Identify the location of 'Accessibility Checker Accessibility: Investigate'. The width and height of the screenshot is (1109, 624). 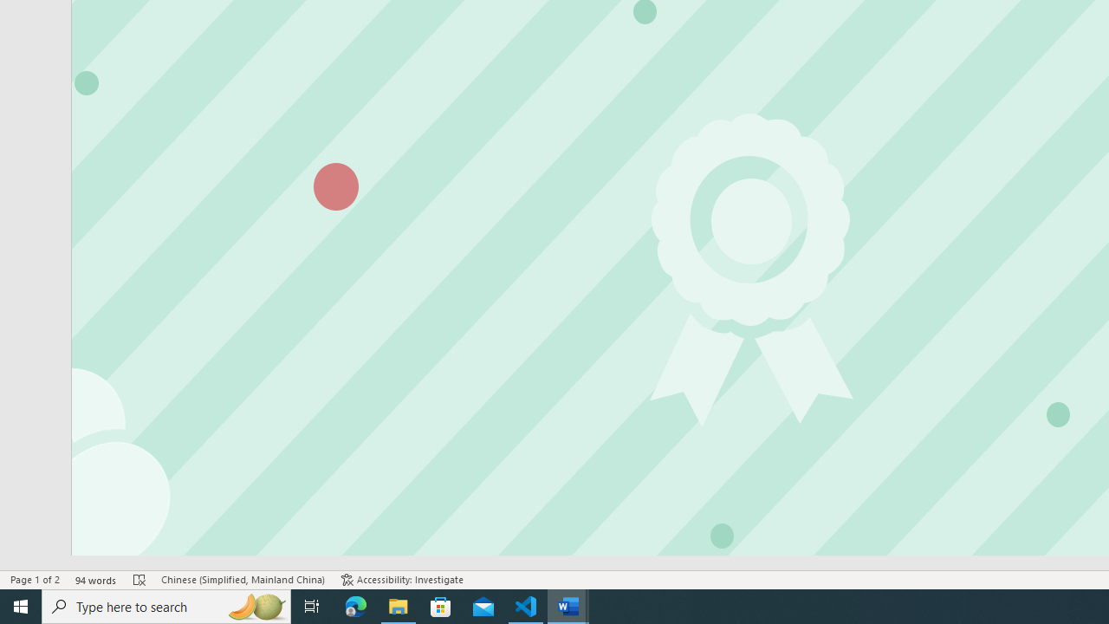
(401, 580).